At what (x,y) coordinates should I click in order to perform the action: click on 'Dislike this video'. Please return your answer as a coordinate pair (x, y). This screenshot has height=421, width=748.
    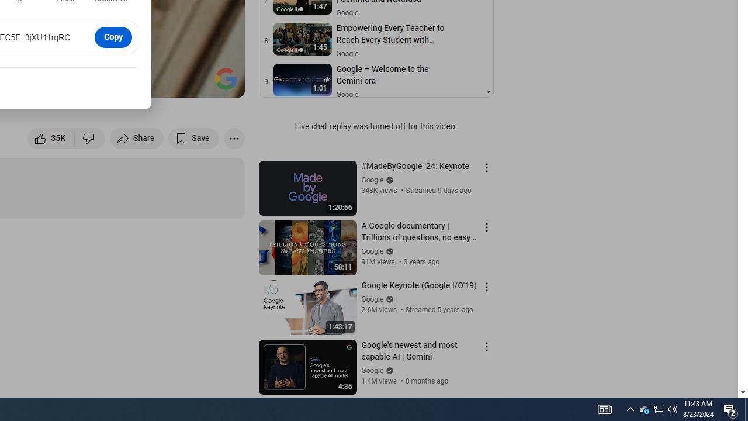
    Looking at the image, I should click on (89, 137).